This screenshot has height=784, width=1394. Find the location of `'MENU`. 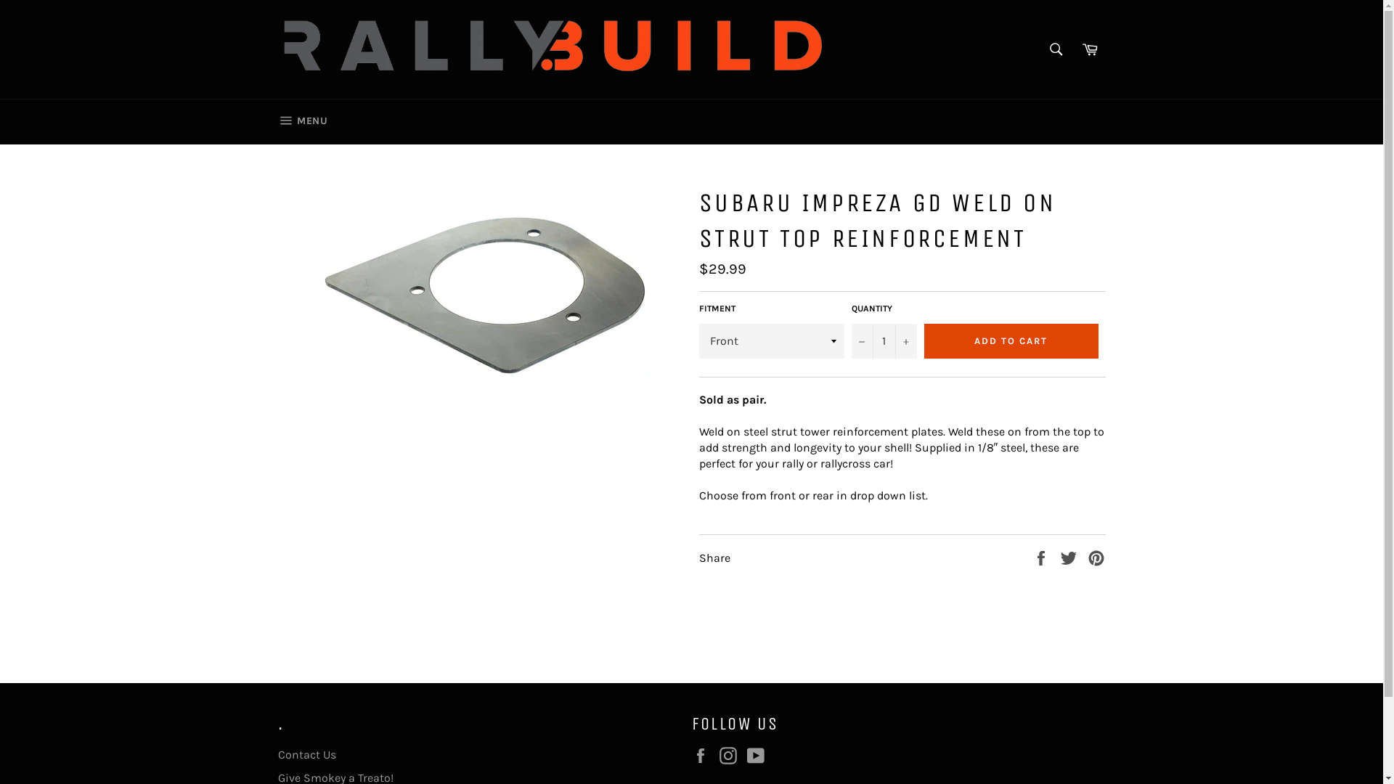

'MENU is located at coordinates (301, 121).